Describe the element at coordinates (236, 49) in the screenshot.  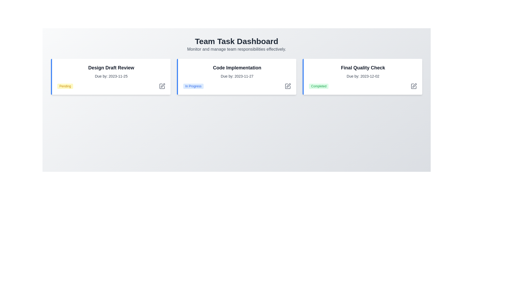
I see `the static text element that reads 'Monitor and manage team responsibilities effectively', which is located below the 'Team Task Dashboard' header and centered horizontally on the page` at that location.